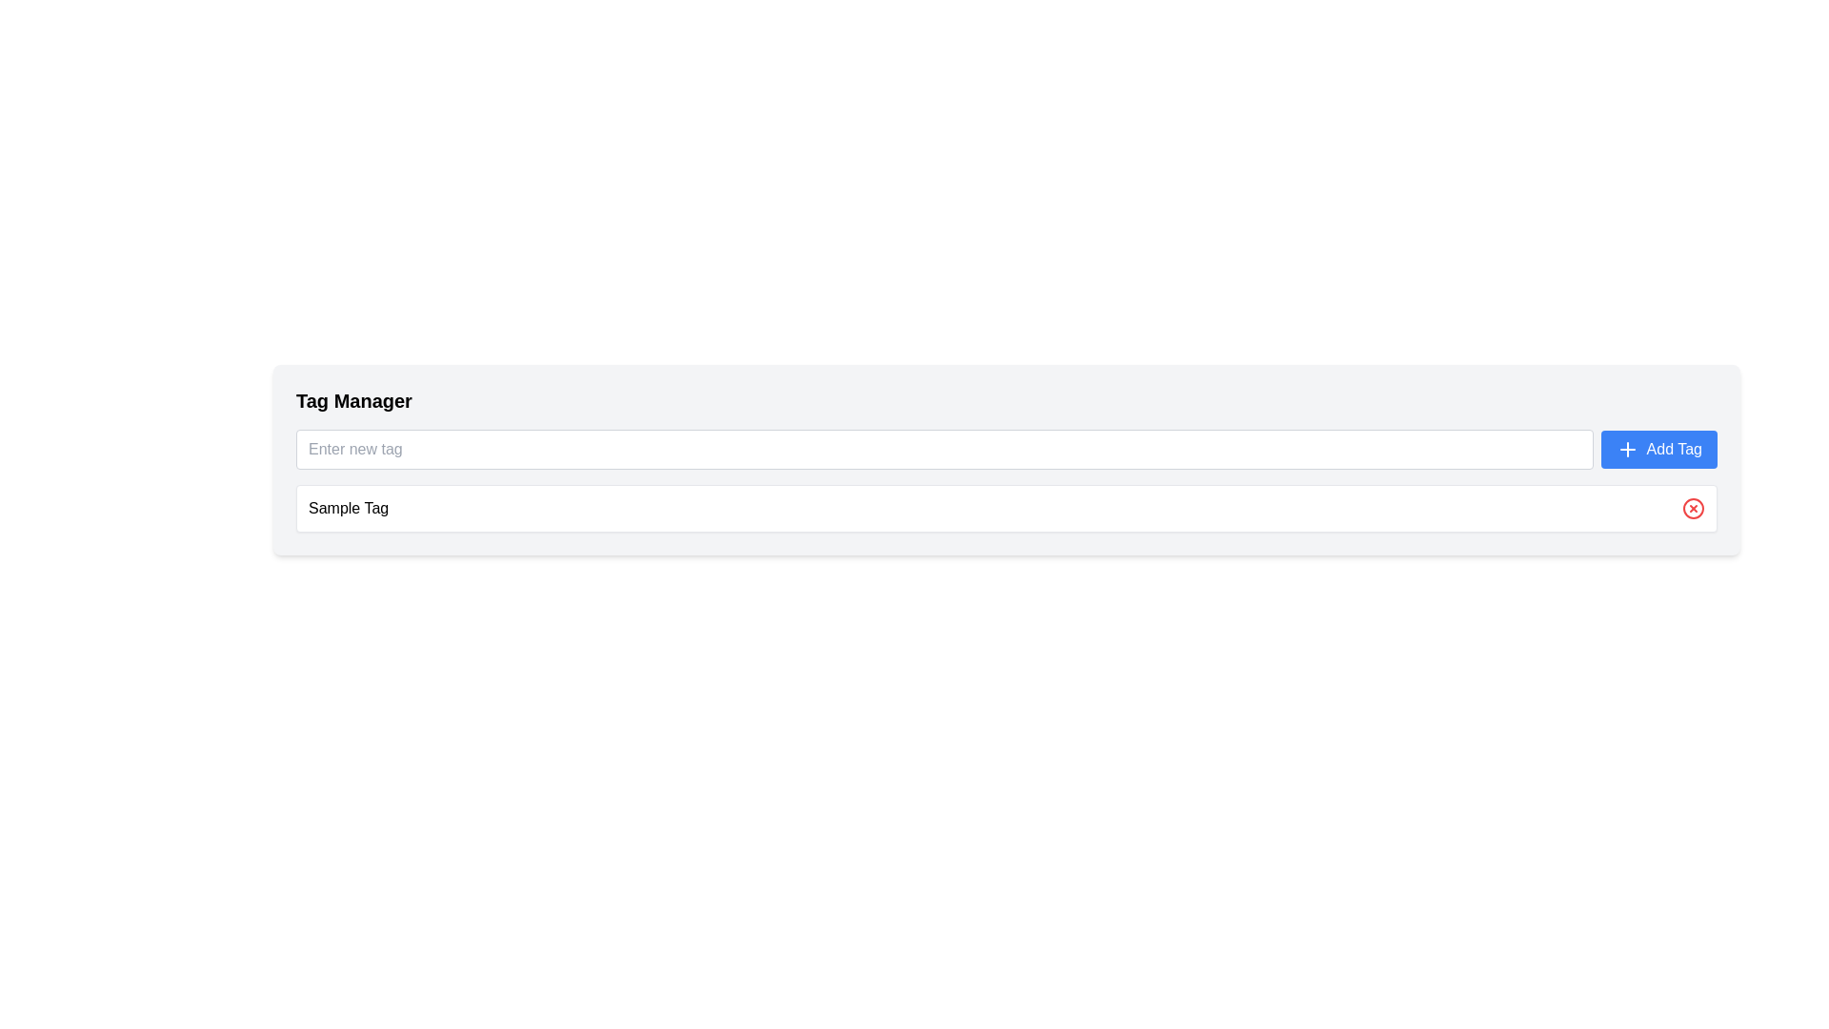  I want to click on the circular outline button with a centered cross mark, so click(1693, 507).